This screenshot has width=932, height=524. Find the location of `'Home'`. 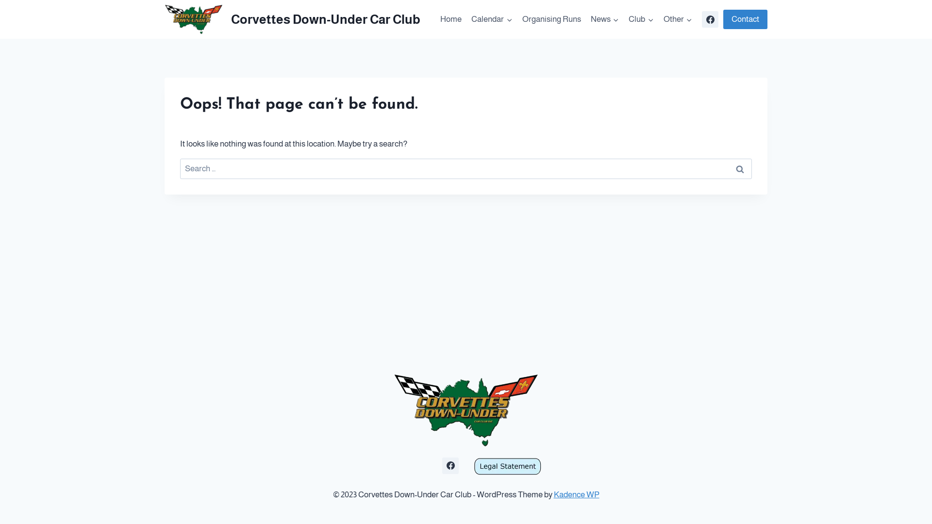

'Home' is located at coordinates (450, 19).